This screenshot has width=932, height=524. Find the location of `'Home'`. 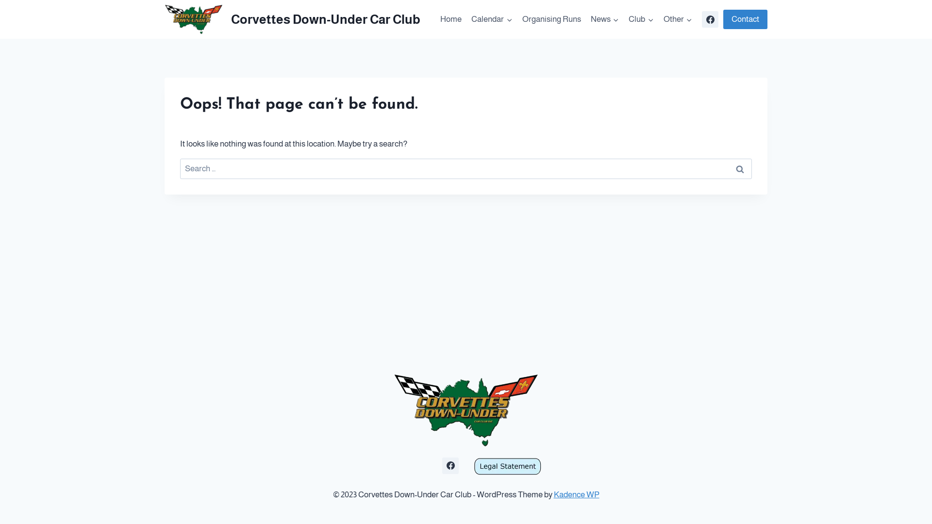

'Home' is located at coordinates (450, 19).